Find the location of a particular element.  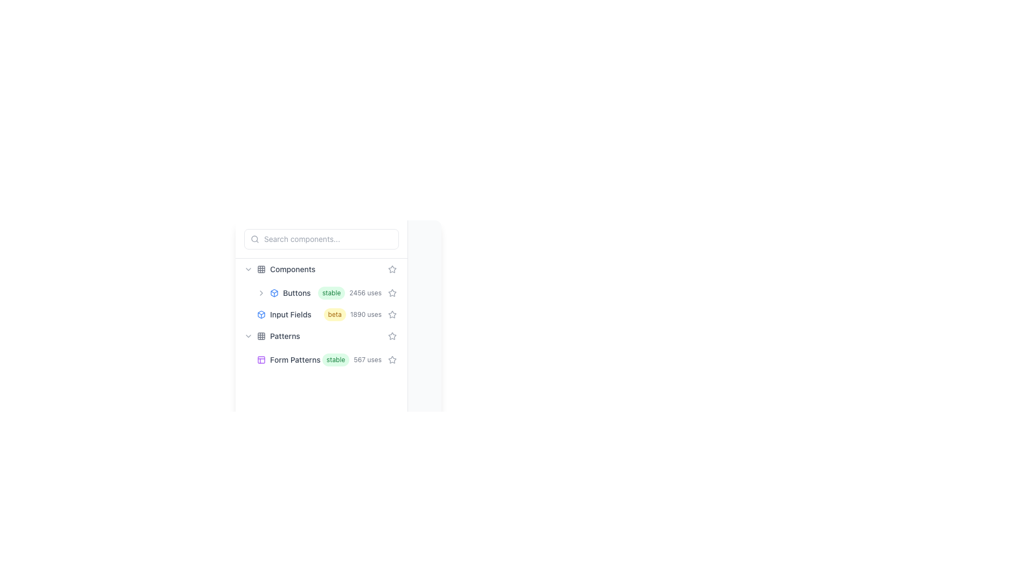

the top-left corner rectangle of the schematic icon in the sidebar menu adjacent to the 'Components' and 'Patterns' list is located at coordinates (261, 359).